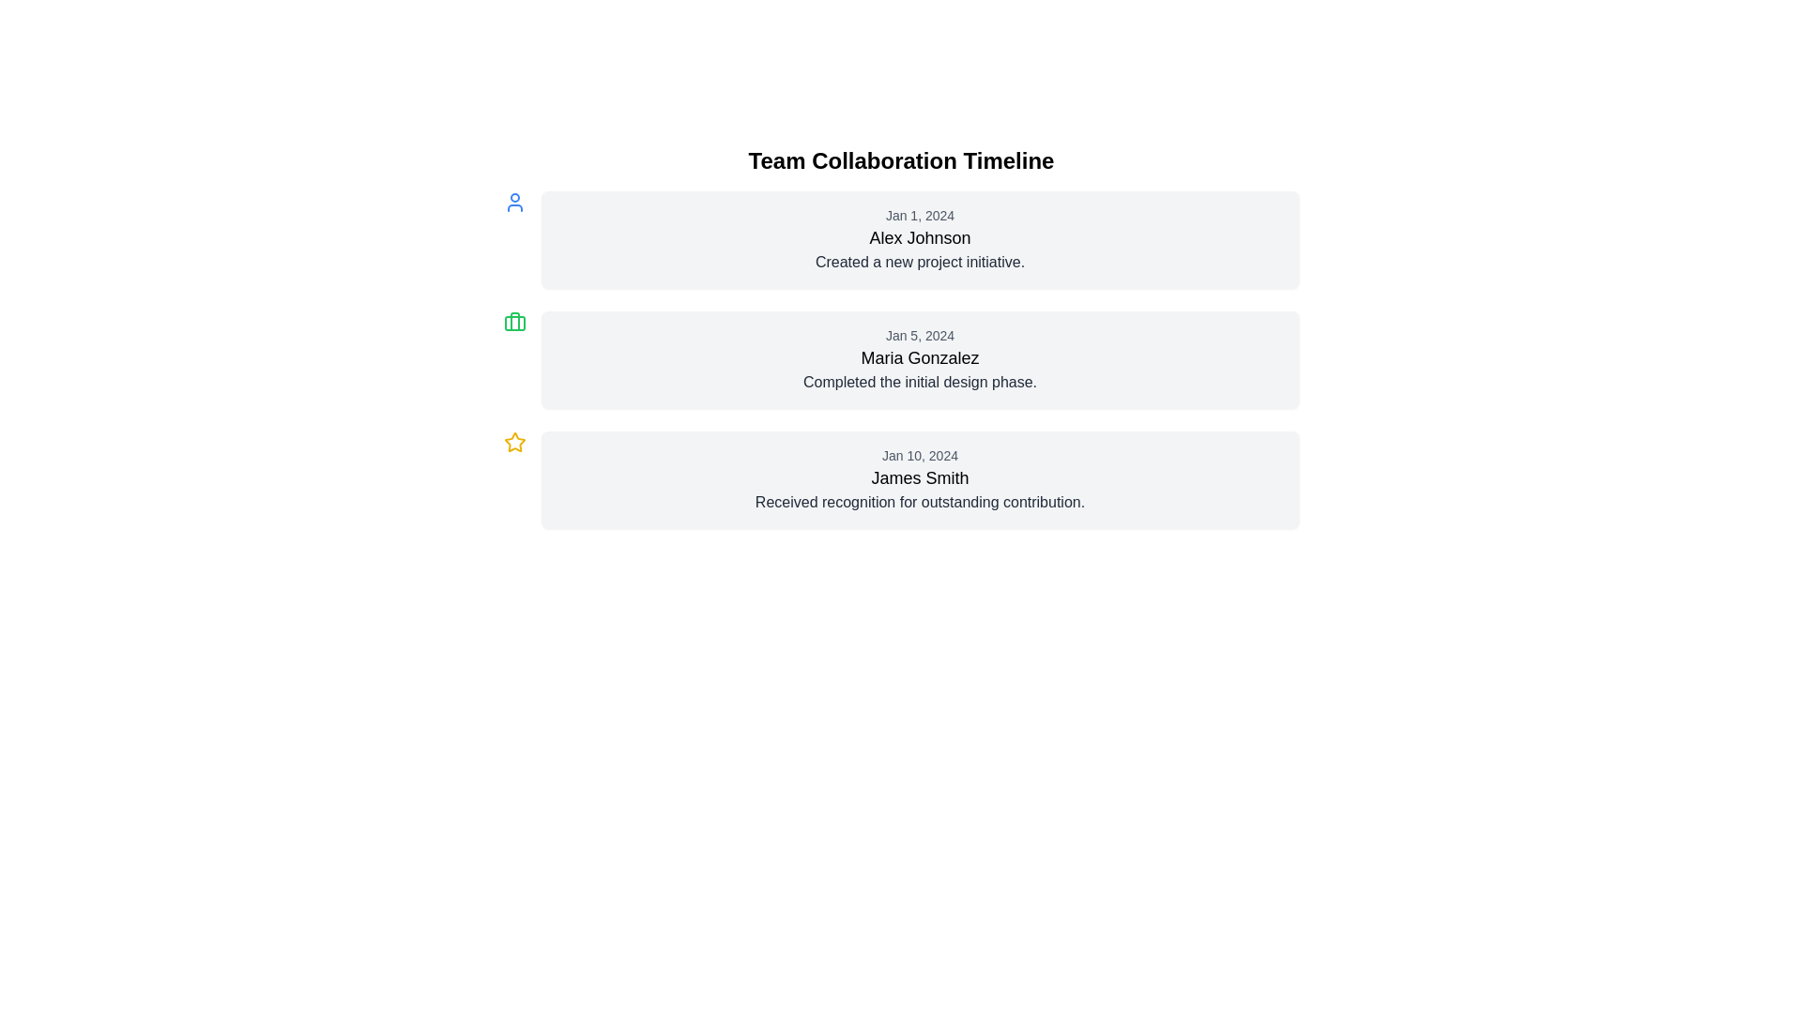 This screenshot has height=1013, width=1802. Describe the element at coordinates (514, 442) in the screenshot. I see `the star icon located to the left of the last entry in the vertical timeline interface, which signifies recognition for James Smith's achievement dated Jan 10, 2024` at that location.